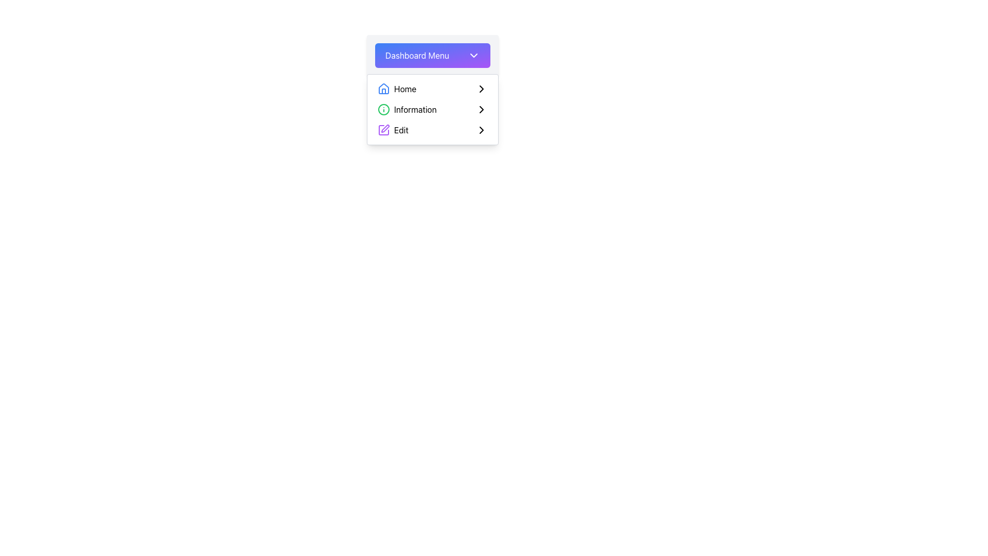 Image resolution: width=988 pixels, height=556 pixels. Describe the element at coordinates (481, 89) in the screenshot. I see `the arrow icon located to the right of the 'Home' menu label in the dropdown menu` at that location.